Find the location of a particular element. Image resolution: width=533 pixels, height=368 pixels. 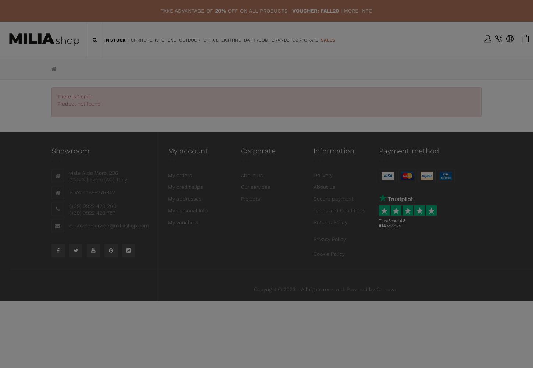

'My account' is located at coordinates (188, 151).